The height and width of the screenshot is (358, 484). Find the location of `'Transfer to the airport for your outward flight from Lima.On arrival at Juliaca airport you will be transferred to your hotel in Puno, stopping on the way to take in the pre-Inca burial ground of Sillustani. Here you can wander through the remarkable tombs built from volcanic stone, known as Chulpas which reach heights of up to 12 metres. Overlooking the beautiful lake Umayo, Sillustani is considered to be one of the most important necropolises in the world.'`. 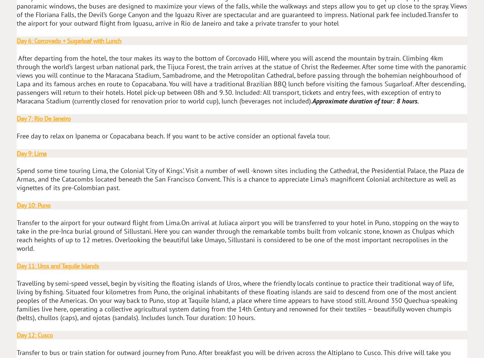

'Transfer to the airport for your outward flight from Lima.On arrival at Juliaca airport you will be transferred to your hotel in Puno, stopping on the way to take in the pre-Inca burial ground of Sillustani. Here you can wander through the remarkable tombs built from volcanic stone, known as Chulpas which reach heights of up to 12 metres. Overlooking the beautiful lake Umayo, Sillustani is considered to be one of the most important necropolises in the world.' is located at coordinates (238, 235).